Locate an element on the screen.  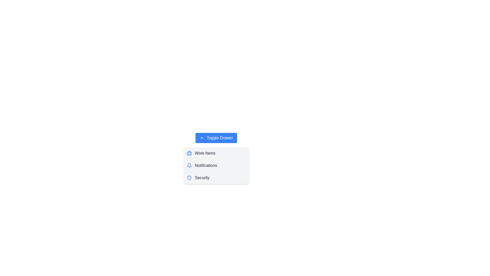
the menu item Security is located at coordinates (216, 177).